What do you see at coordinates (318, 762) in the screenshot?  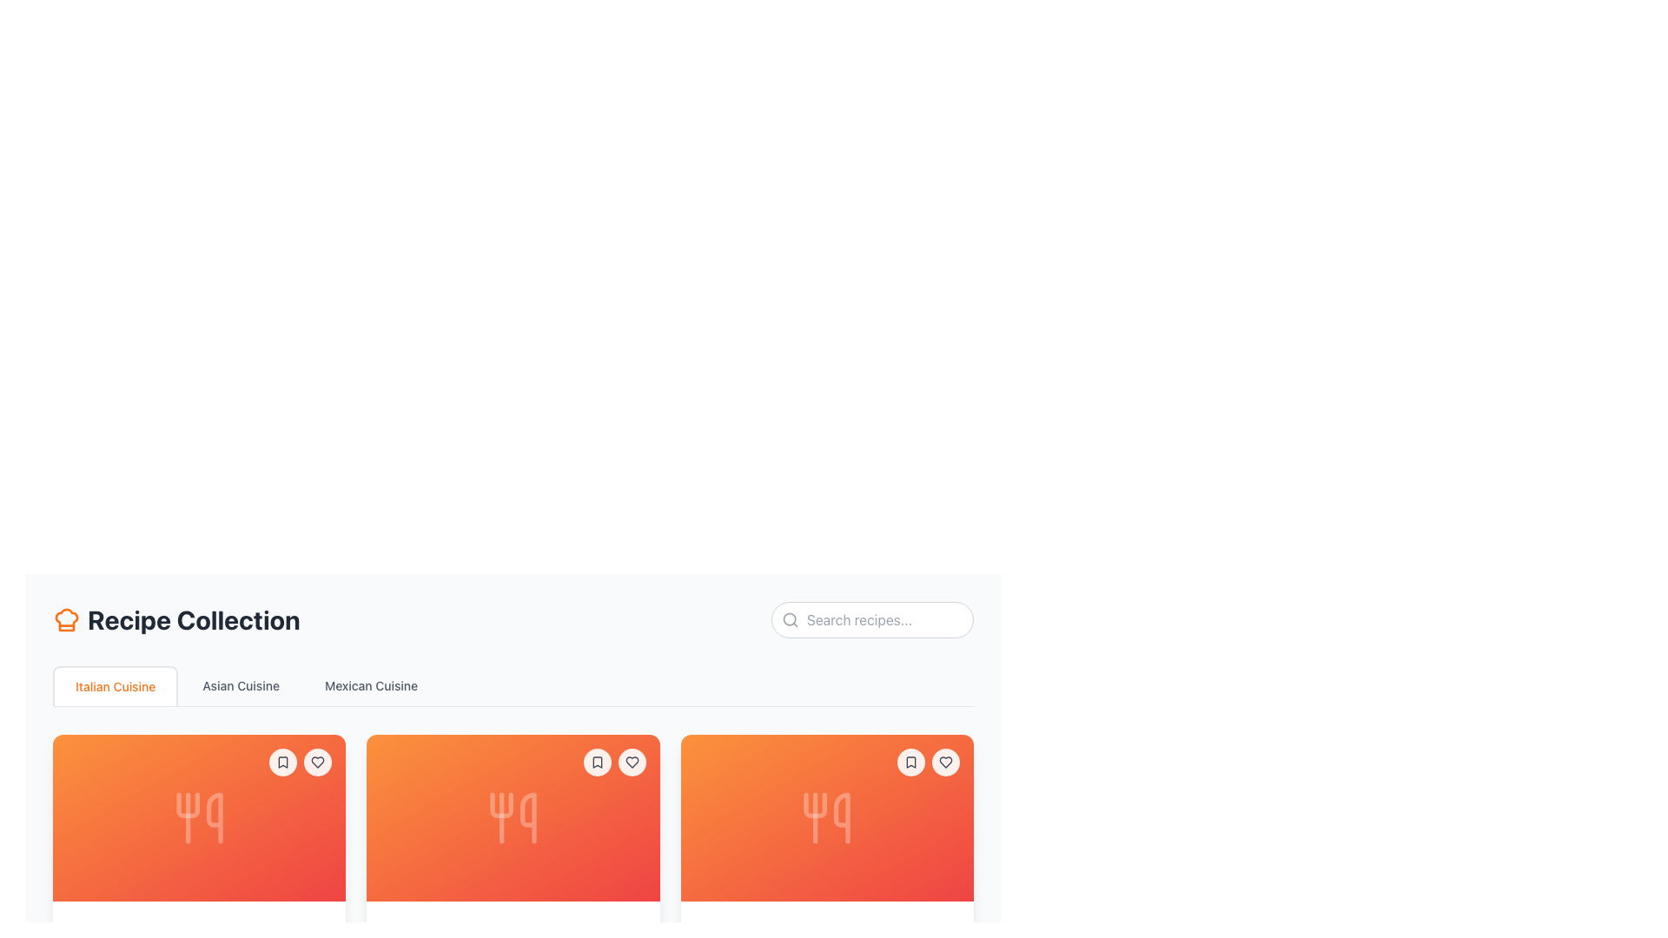 I see `the small circular button with a white background and heart icon located in the top-right corner of the first recipe card` at bounding box center [318, 762].